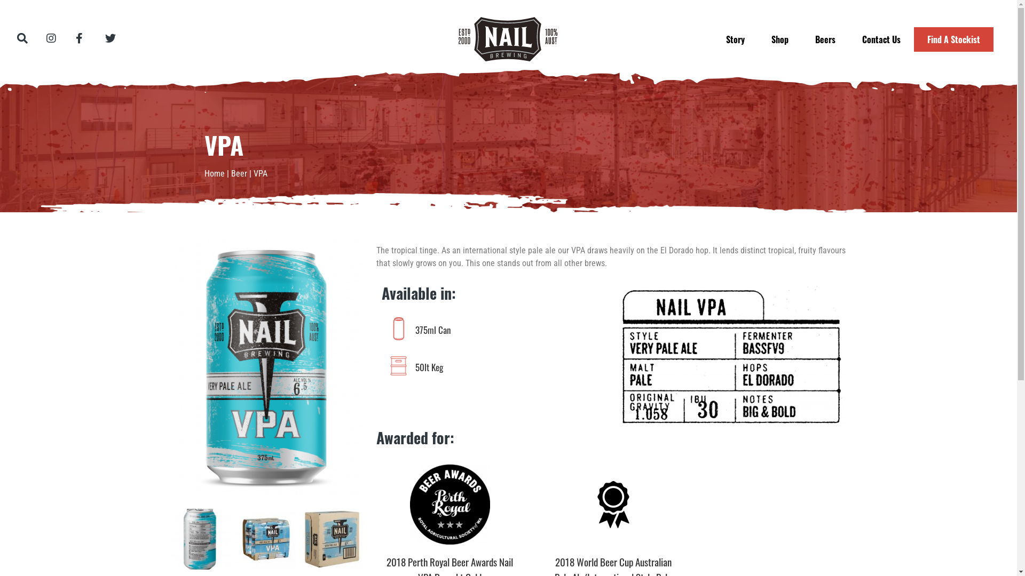  Describe the element at coordinates (824, 38) in the screenshot. I see `'Beers'` at that location.